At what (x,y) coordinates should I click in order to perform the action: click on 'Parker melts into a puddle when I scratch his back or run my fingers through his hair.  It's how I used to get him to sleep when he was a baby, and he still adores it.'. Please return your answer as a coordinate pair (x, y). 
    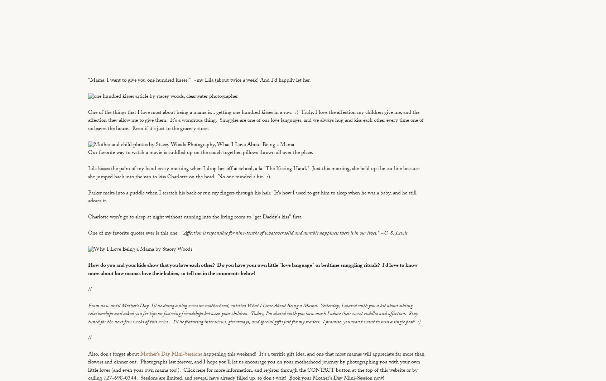
    Looking at the image, I should click on (252, 197).